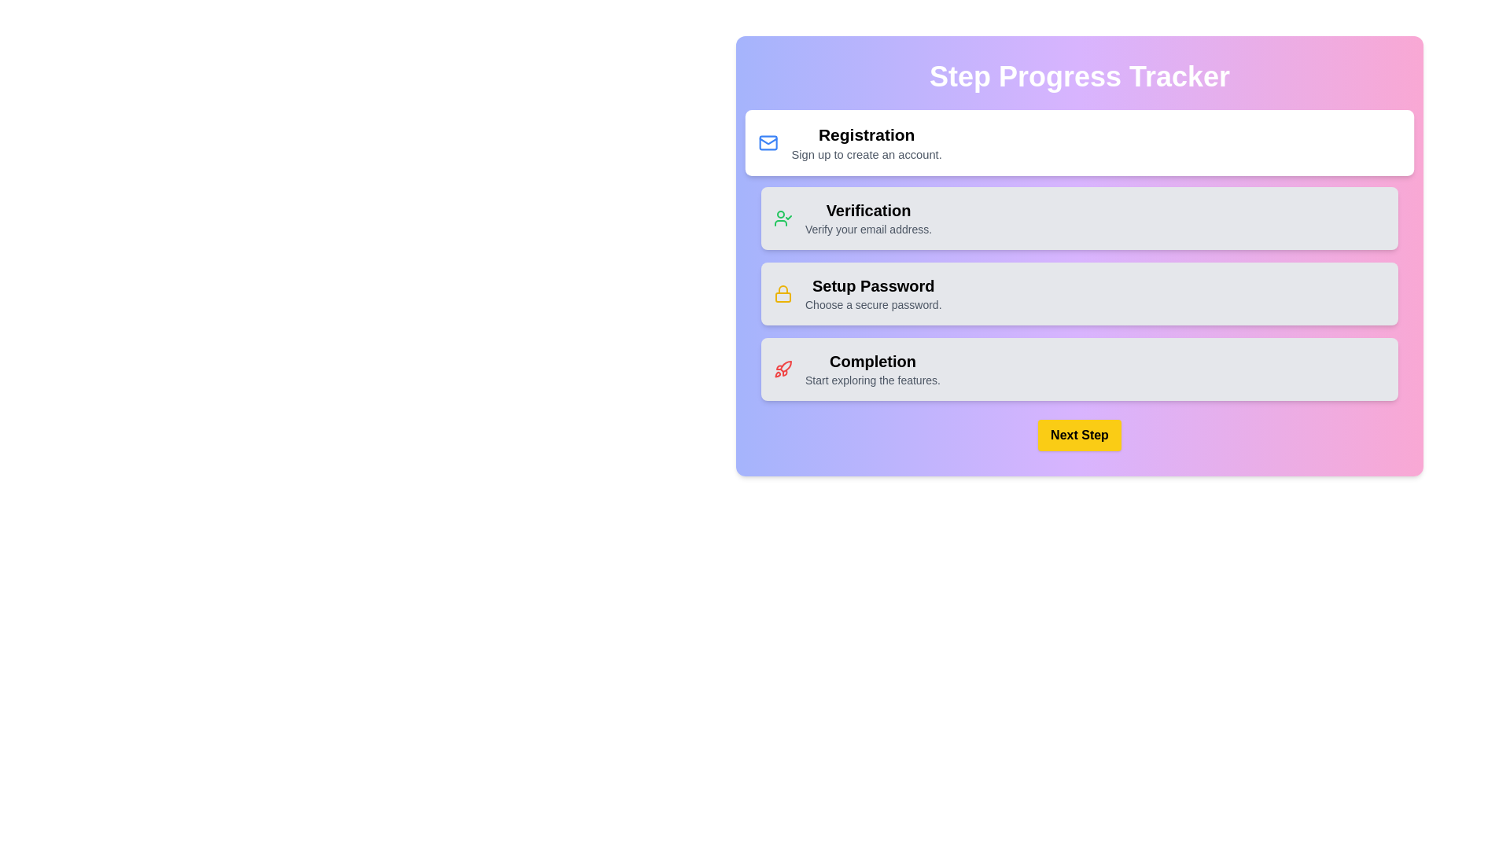  Describe the element at coordinates (783, 218) in the screenshot. I see `the status icon located in the second row of the step-progress tracker interface, to the left of the 'Verification' text, which indicates the completion or verification status` at that location.